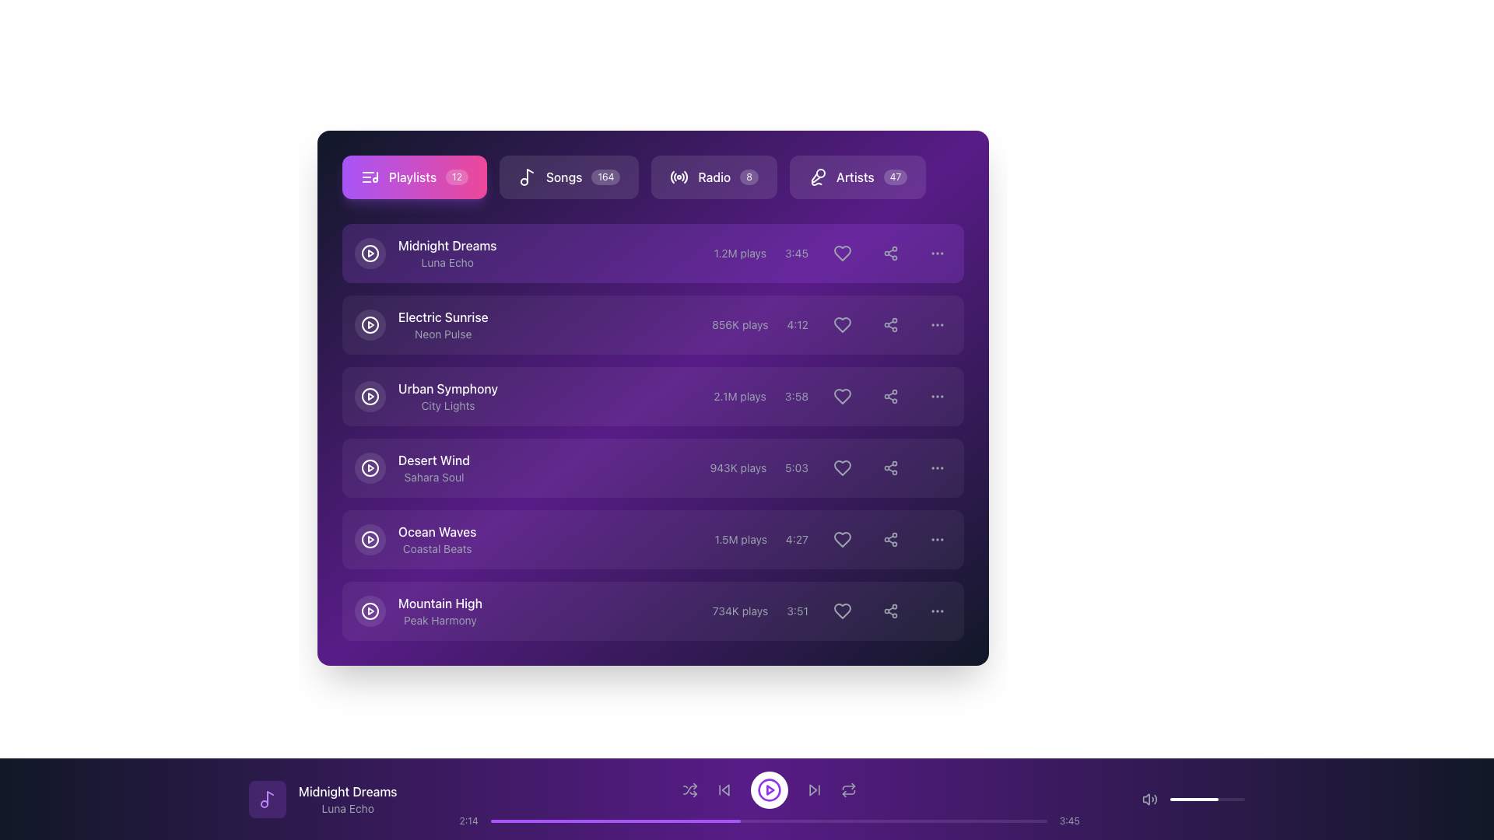 Image resolution: width=1494 pixels, height=840 pixels. What do you see at coordinates (268, 800) in the screenshot?
I see `the icon representing the current playing song or playlist, located in the bottom left of the music player section near the 'Midnight Dreams' title` at bounding box center [268, 800].